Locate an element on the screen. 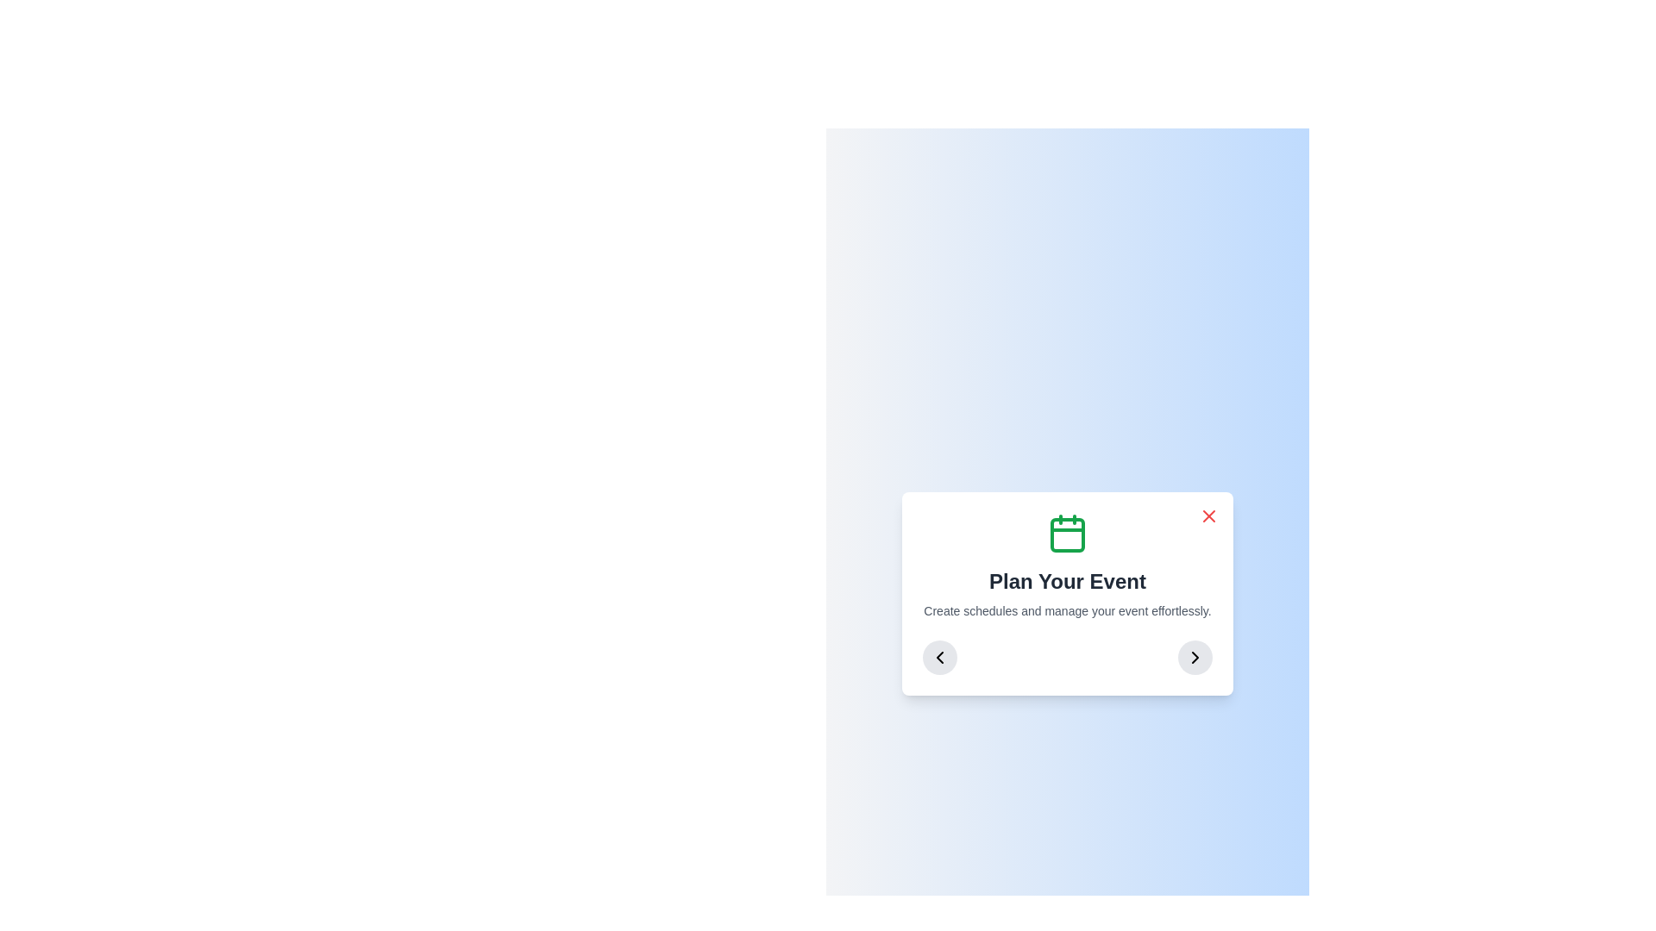 Image resolution: width=1656 pixels, height=931 pixels. the right-pointing chevron icon button, which is part of a modern minimalistic UI design is located at coordinates (1195, 658).